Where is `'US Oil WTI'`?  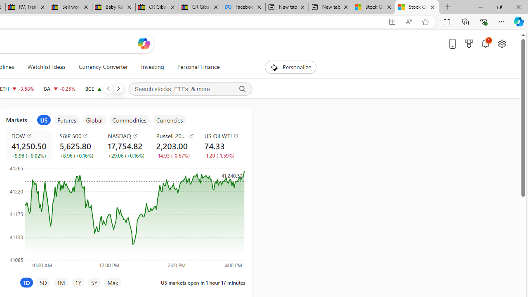
'US Oil WTI' is located at coordinates (224, 135).